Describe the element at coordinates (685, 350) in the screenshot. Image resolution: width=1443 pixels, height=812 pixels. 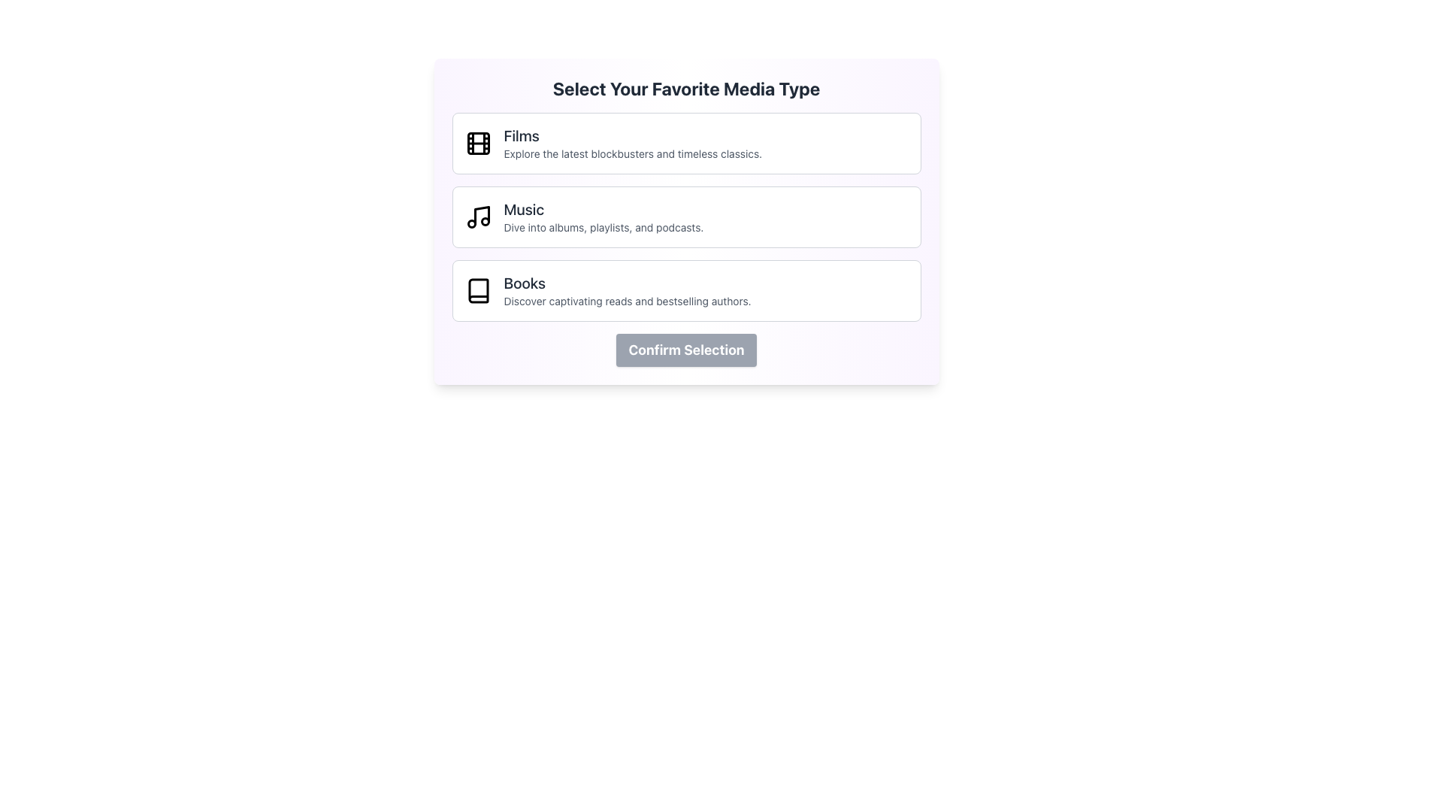
I see `the confirmation button located at the bottom-center of the 'Select Your Favorite Media Type' section` at that location.